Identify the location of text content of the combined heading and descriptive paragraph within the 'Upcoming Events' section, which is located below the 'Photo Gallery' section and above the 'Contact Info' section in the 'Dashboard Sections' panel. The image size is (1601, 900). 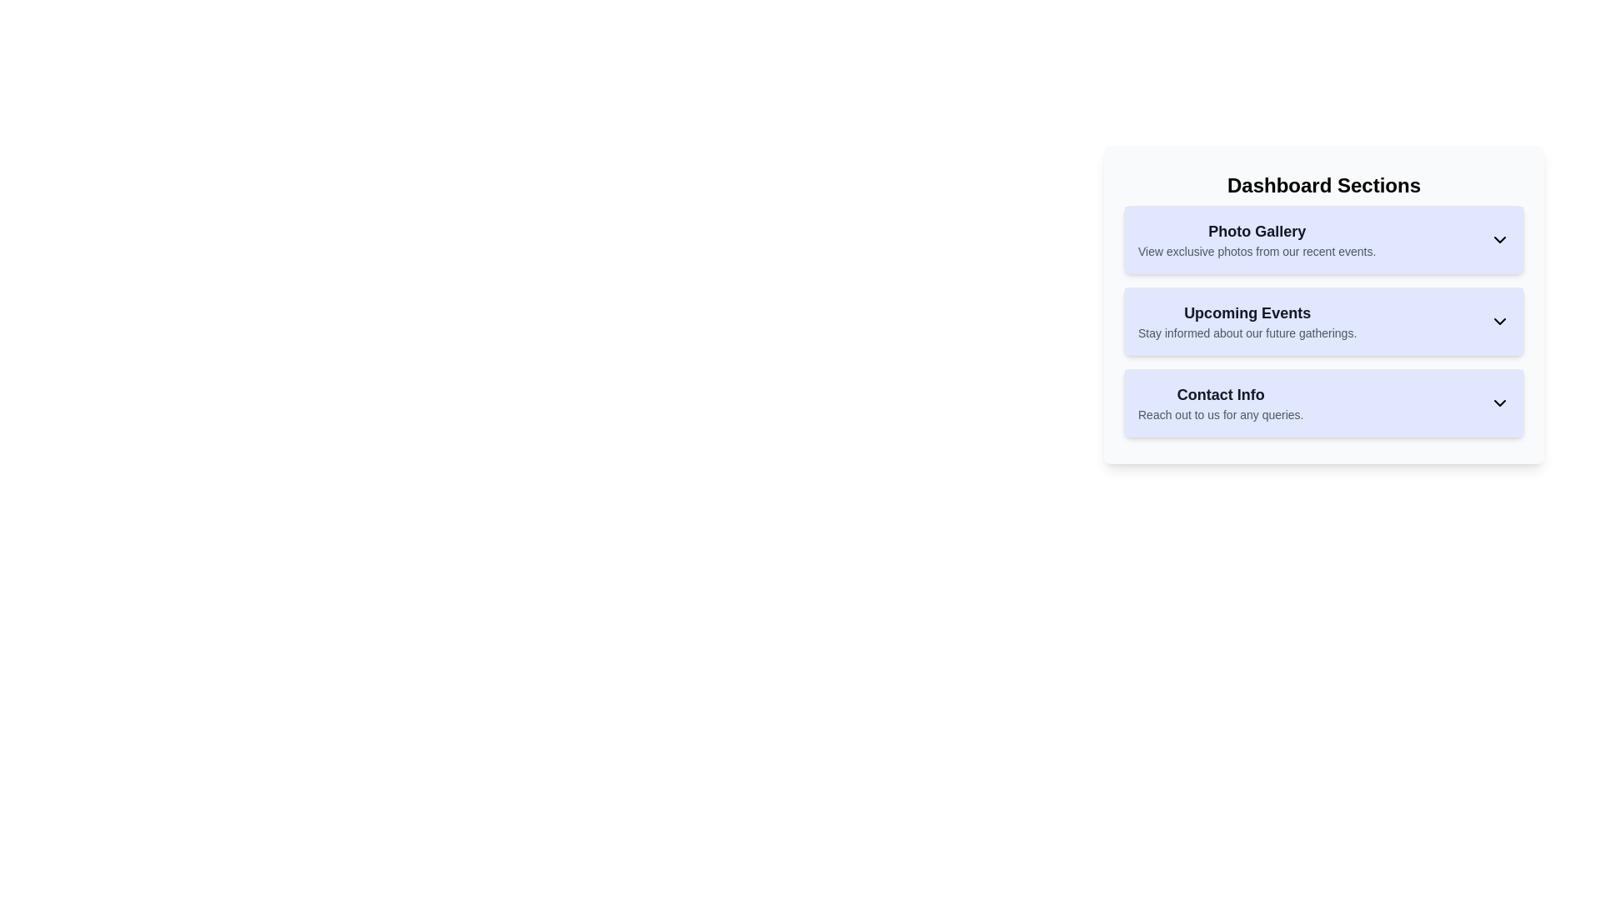
(1247, 321).